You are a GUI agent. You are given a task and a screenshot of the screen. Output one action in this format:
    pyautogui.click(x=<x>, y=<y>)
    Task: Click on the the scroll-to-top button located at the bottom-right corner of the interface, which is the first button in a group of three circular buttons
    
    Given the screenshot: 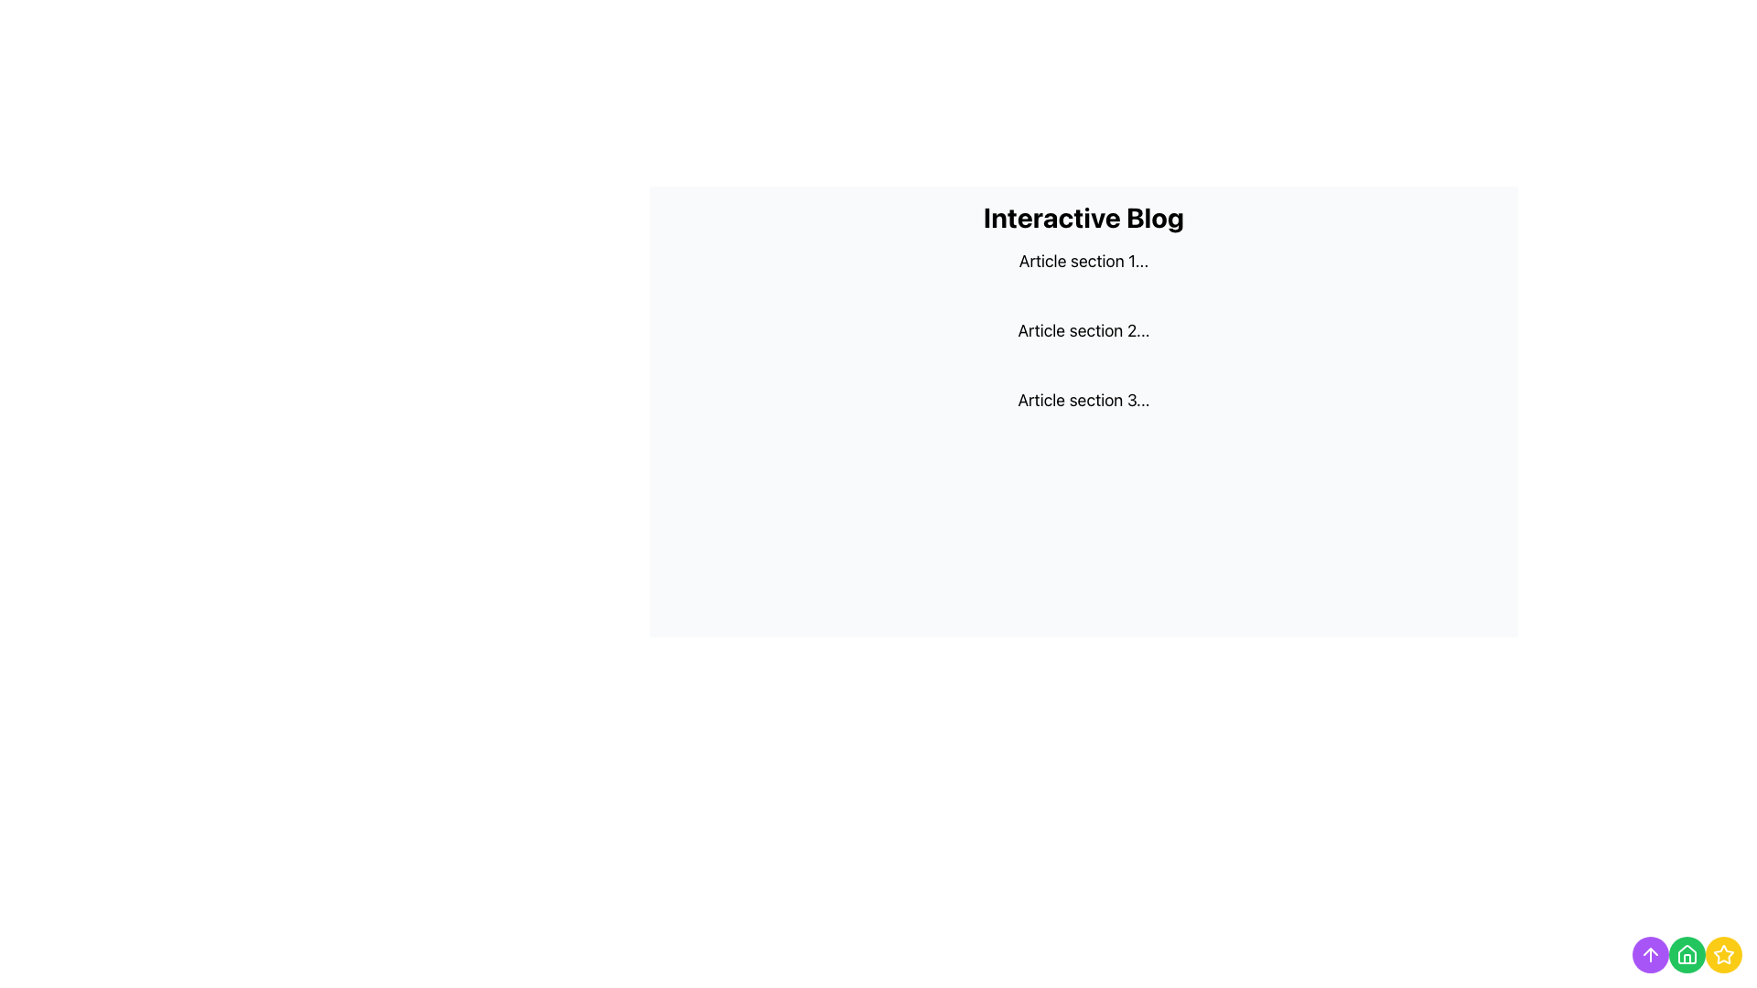 What is the action you would take?
    pyautogui.click(x=1651, y=954)
    